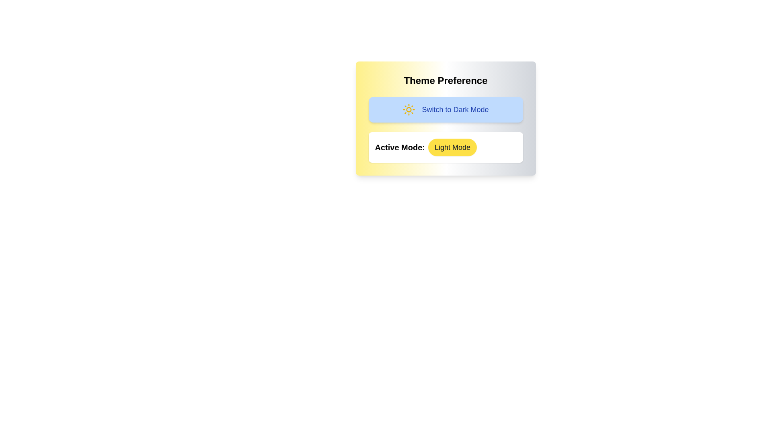  Describe the element at coordinates (409, 110) in the screenshot. I see `the sun icon representing the 'Switch to Dark Mode' button located within the 'Theme Preference' card` at that location.